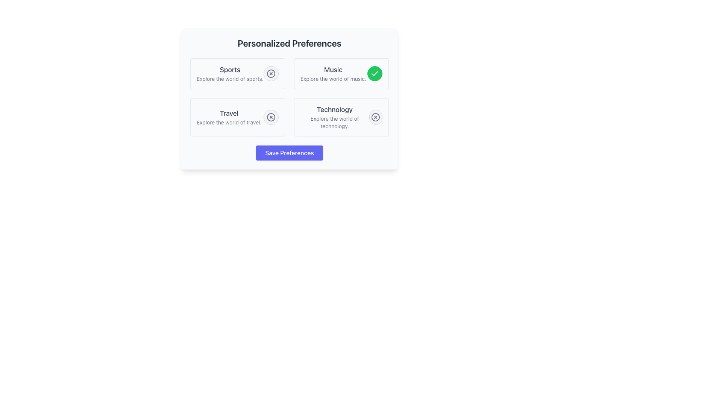 This screenshot has width=722, height=406. I want to click on the selectable option titled 'Music' in the upper-right part of the four-grid layout, which includes a subtitle and is adjacent to a circular icon, so click(333, 74).